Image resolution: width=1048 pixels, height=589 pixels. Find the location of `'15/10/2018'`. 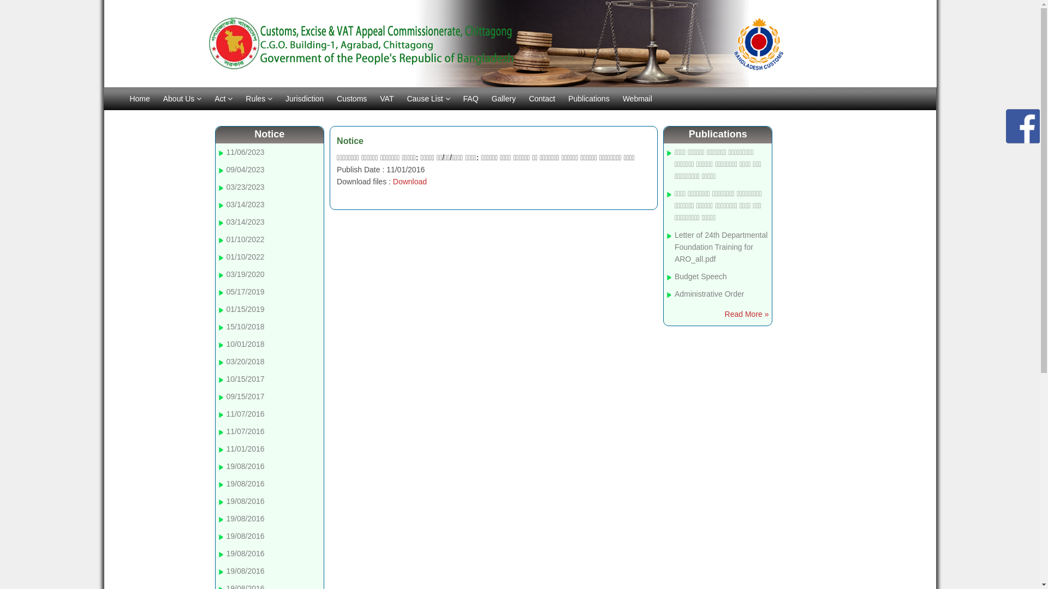

'15/10/2018' is located at coordinates (225, 326).